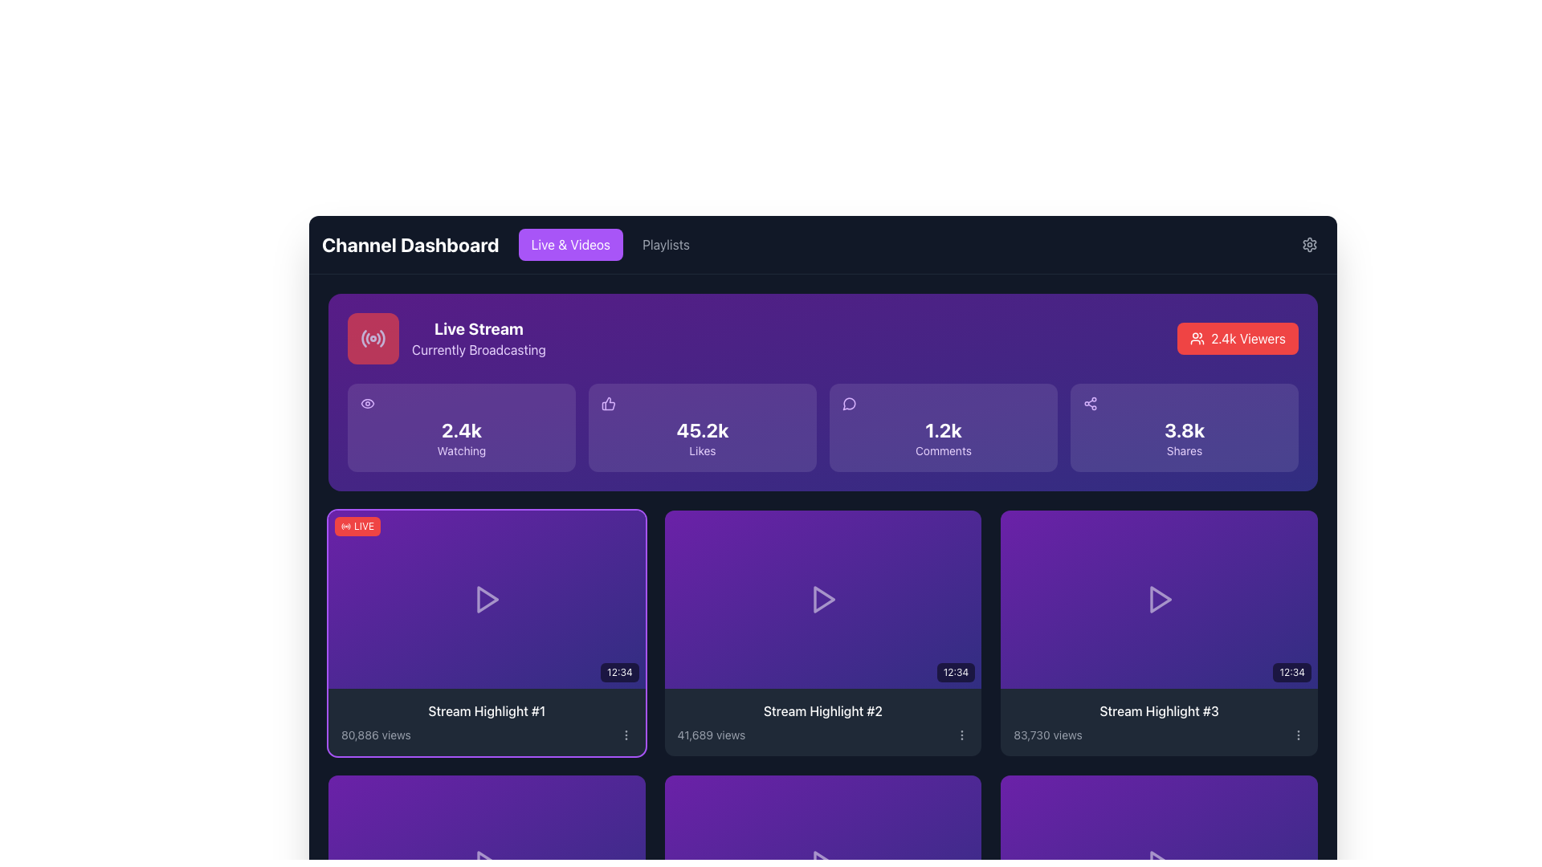 This screenshot has height=867, width=1542. Describe the element at coordinates (625, 735) in the screenshot. I see `the vertical ellipsis icon located in the bottom-right corner of the 'Stream Highlight #1' card` at that location.